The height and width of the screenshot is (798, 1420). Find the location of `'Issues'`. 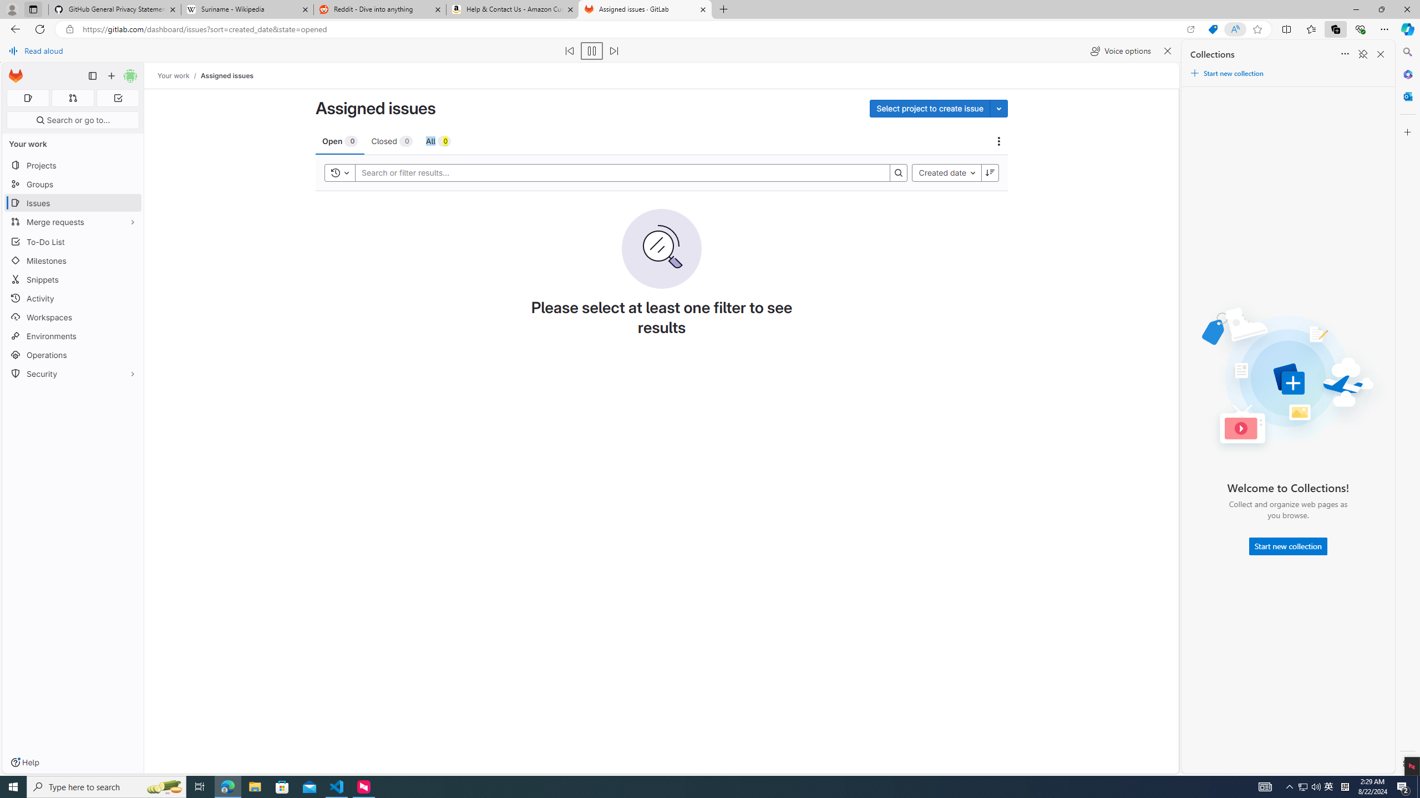

'Issues' is located at coordinates (72, 202).